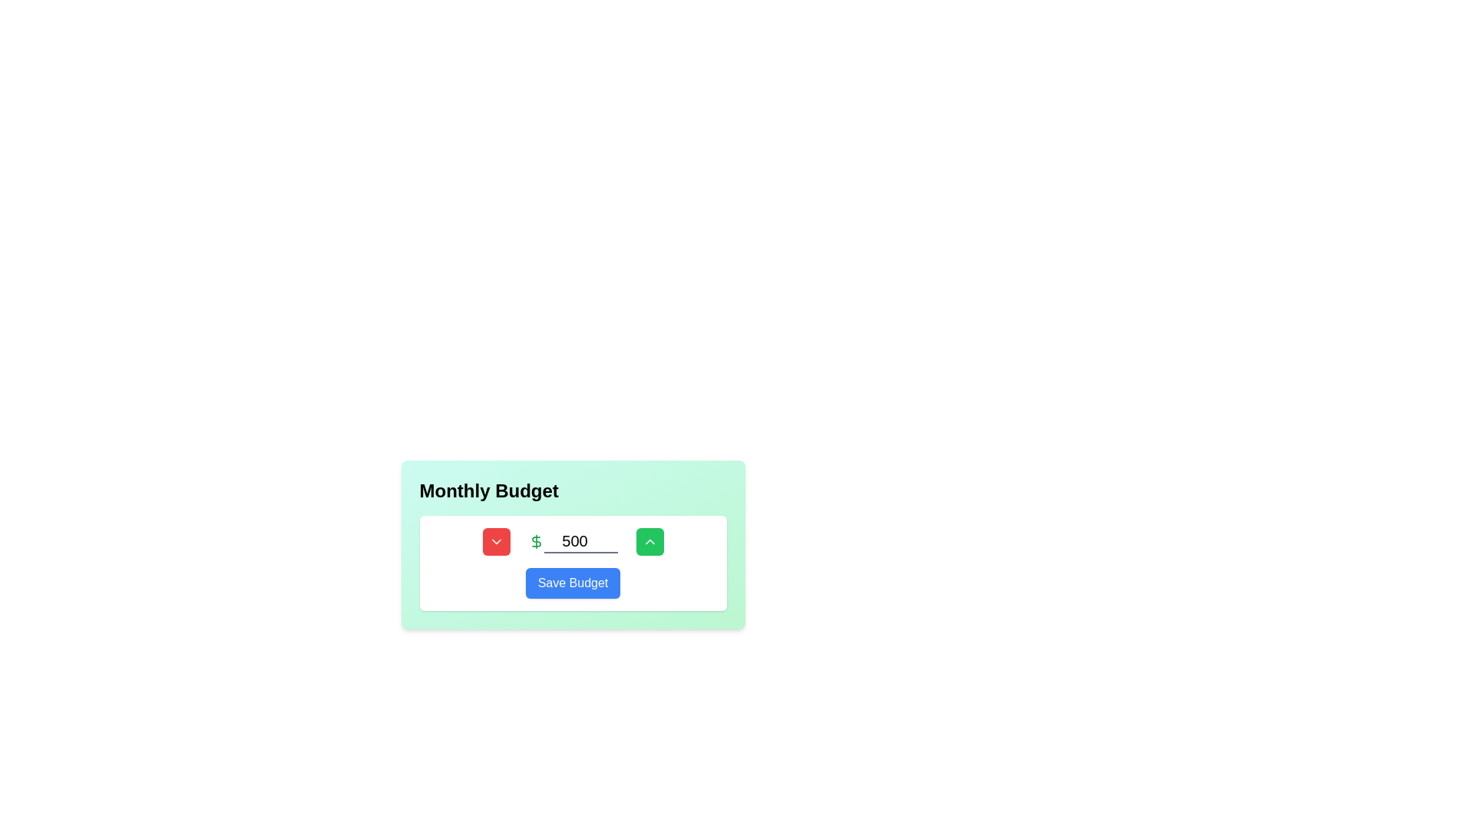 This screenshot has width=1474, height=829. I want to click on the increment button located to the right of the numeric input box displaying '500' in the 'Monthly Budget' section to increment the value, so click(649, 540).